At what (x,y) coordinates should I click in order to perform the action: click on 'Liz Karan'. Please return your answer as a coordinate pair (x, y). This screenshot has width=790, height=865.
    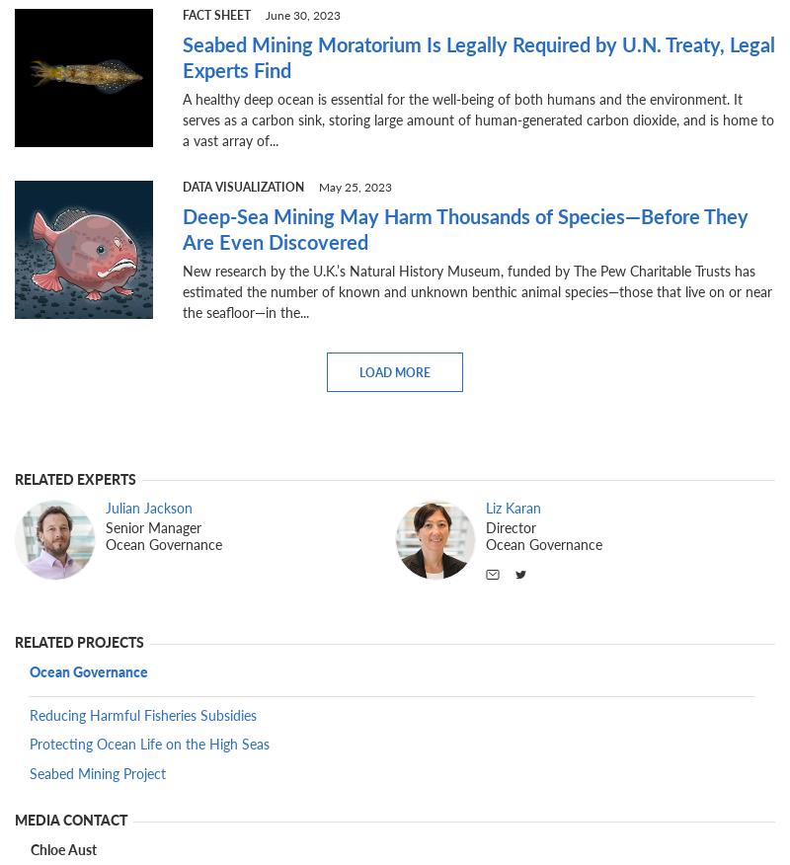
    Looking at the image, I should click on (513, 508).